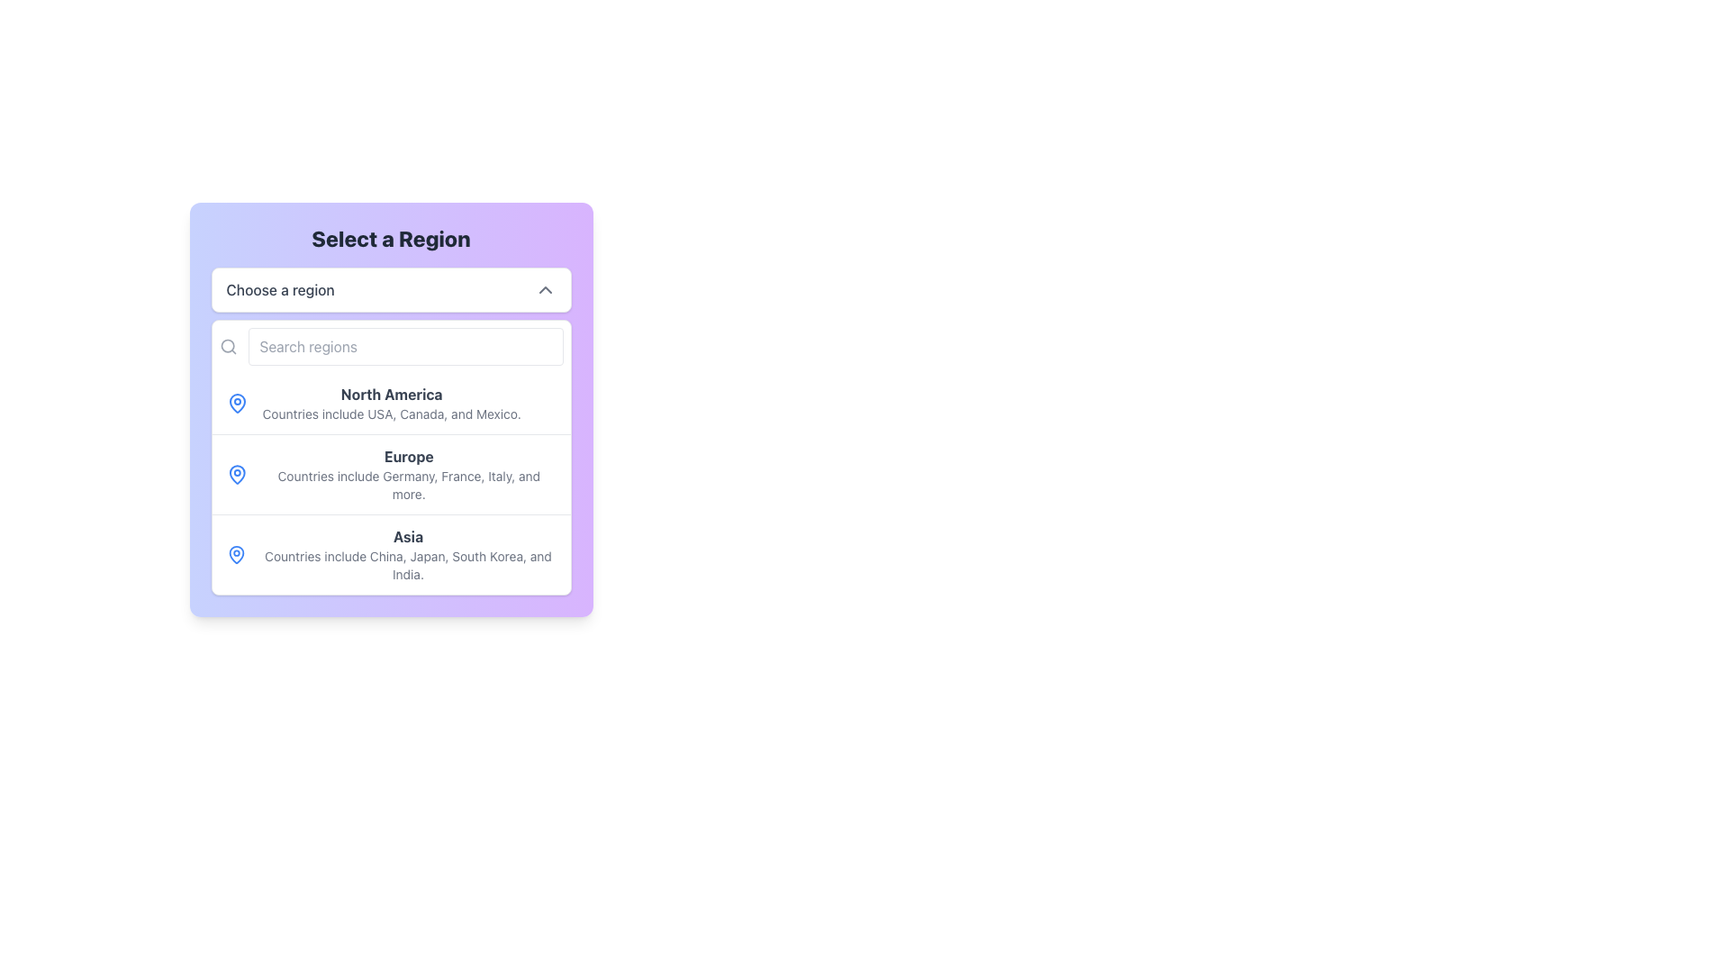 The height and width of the screenshot is (973, 1729). I want to click on the text label that provides a brief and supplementary description of countries in Europe, located directly beneath the 'Europe' text in the 'Select a Region' modal, so click(408, 485).